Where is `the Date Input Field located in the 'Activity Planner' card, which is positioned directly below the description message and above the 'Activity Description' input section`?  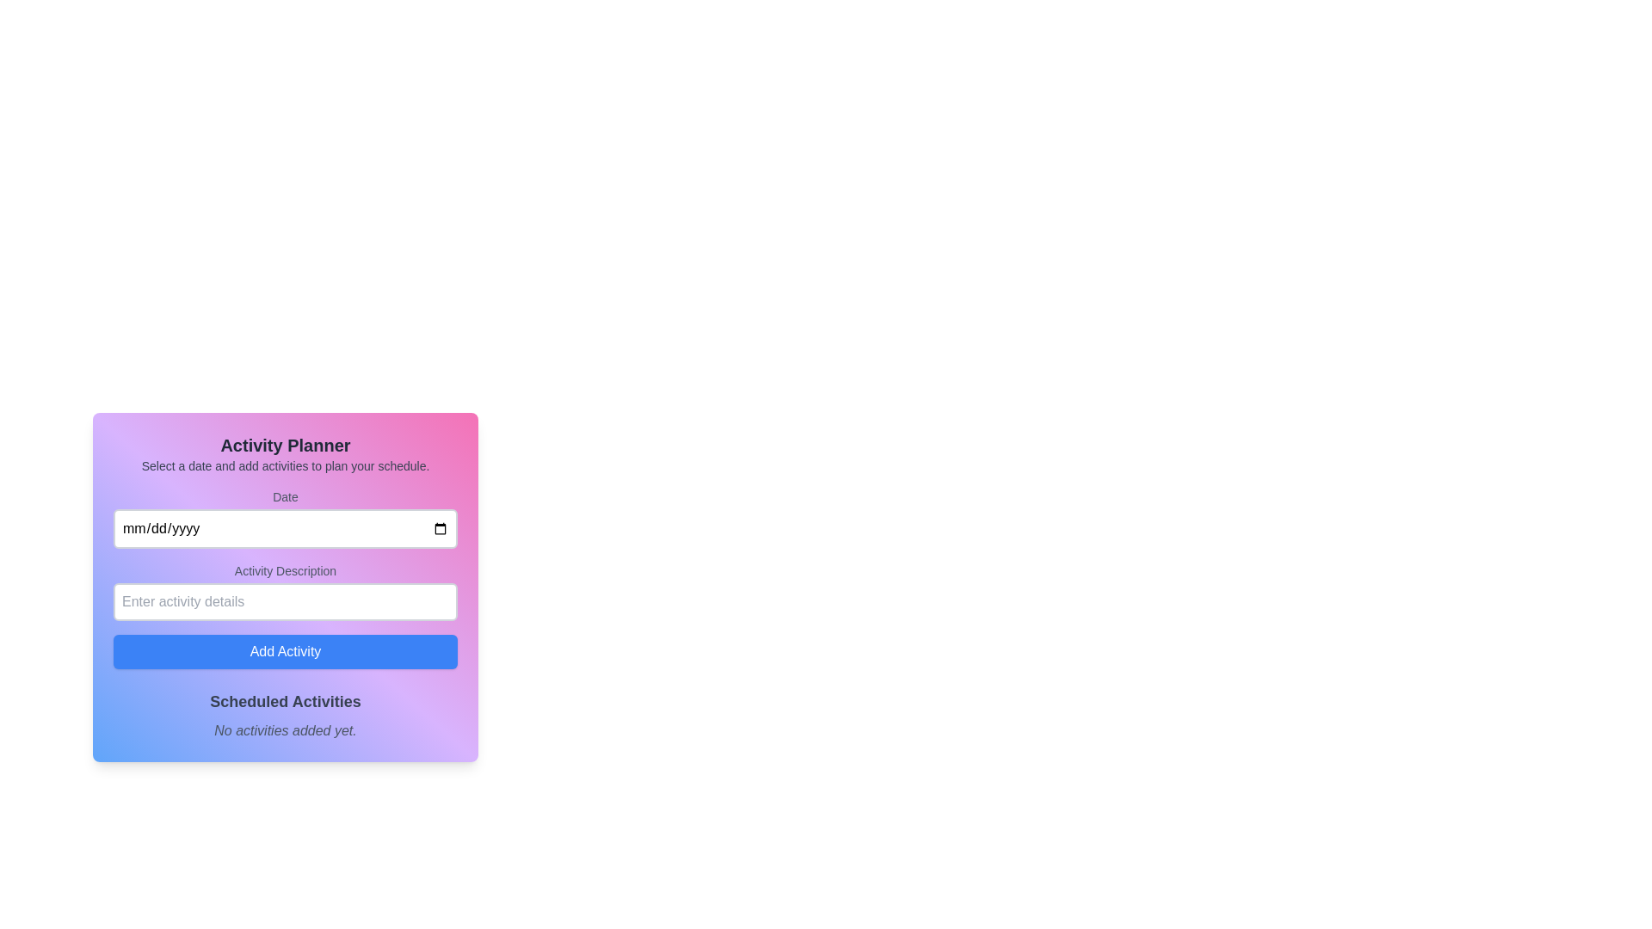 the Date Input Field located in the 'Activity Planner' card, which is positioned directly below the description message and above the 'Activity Description' input section is located at coordinates (285, 517).